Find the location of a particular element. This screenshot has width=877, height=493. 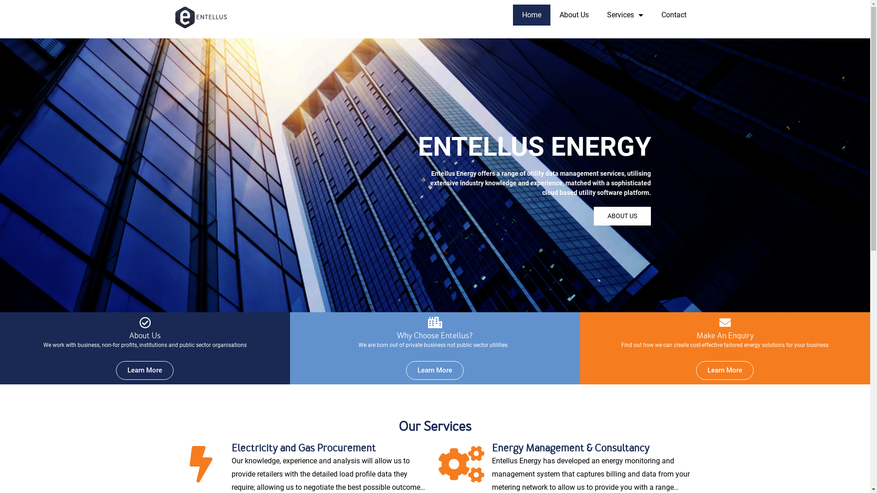

'Contact' is located at coordinates (674, 15).